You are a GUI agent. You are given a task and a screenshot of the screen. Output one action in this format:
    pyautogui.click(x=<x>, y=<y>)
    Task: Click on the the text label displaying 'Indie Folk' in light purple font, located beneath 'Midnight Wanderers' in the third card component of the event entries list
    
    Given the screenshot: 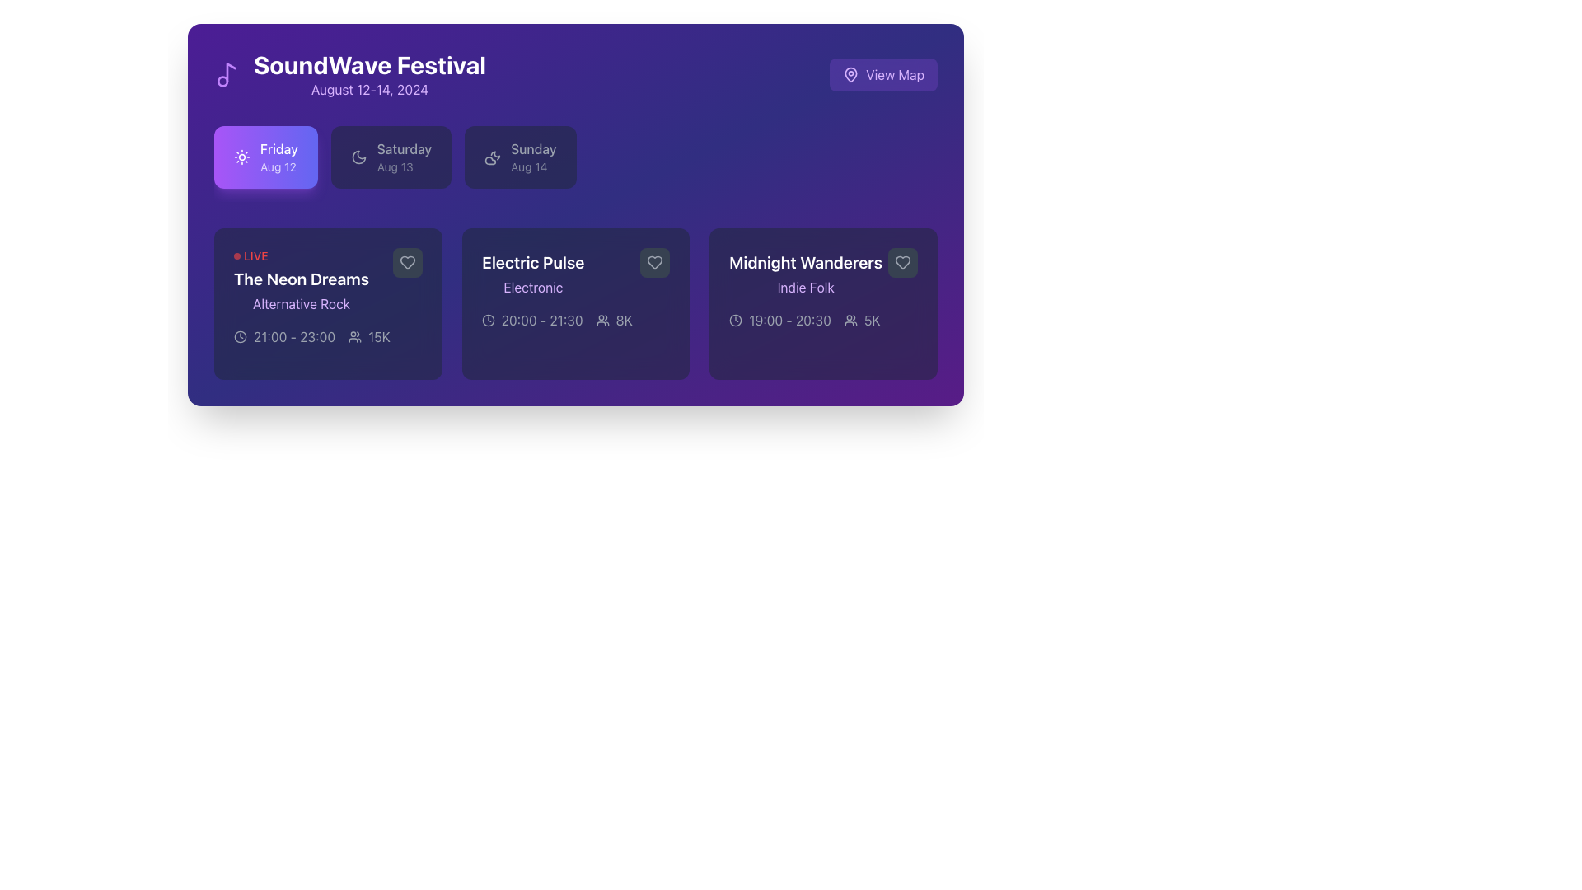 What is the action you would take?
    pyautogui.click(x=806, y=286)
    